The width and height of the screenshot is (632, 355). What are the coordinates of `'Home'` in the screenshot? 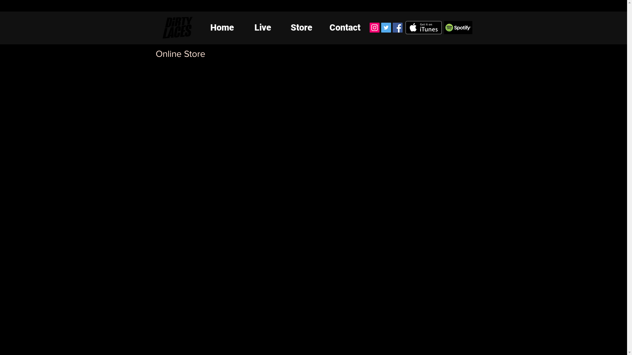 It's located at (222, 27).